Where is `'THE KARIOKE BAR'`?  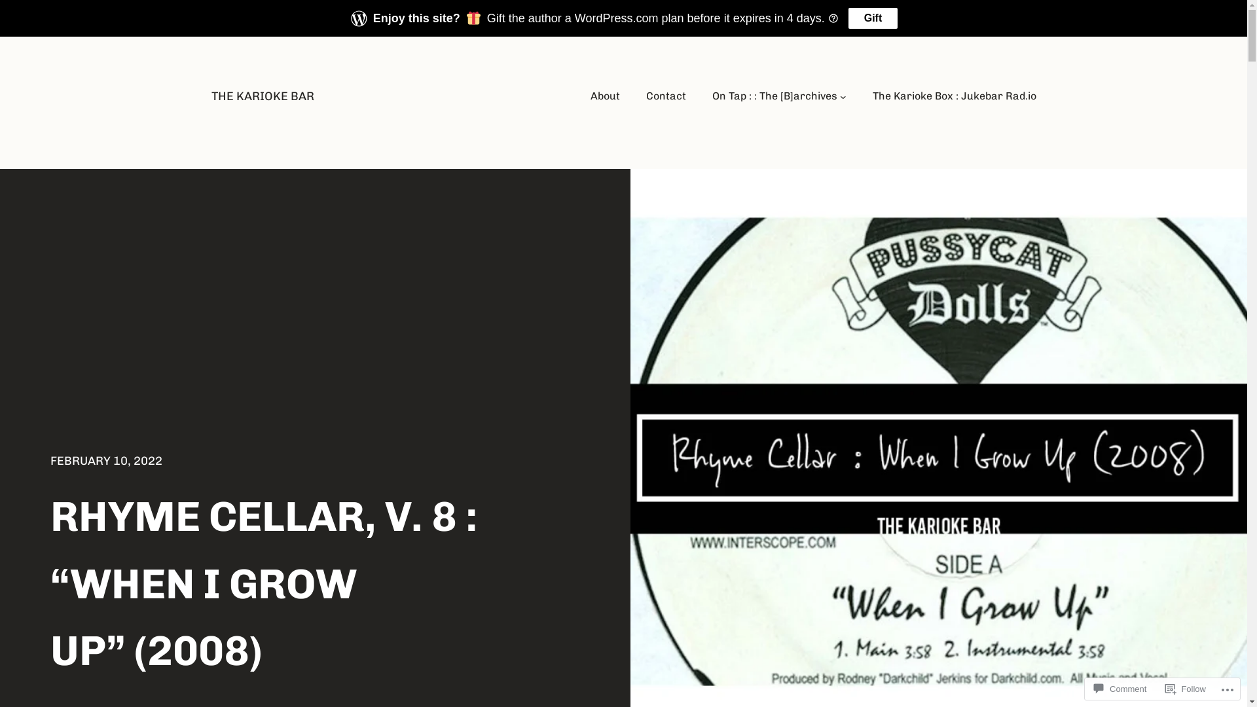
'THE KARIOKE BAR' is located at coordinates (262, 95).